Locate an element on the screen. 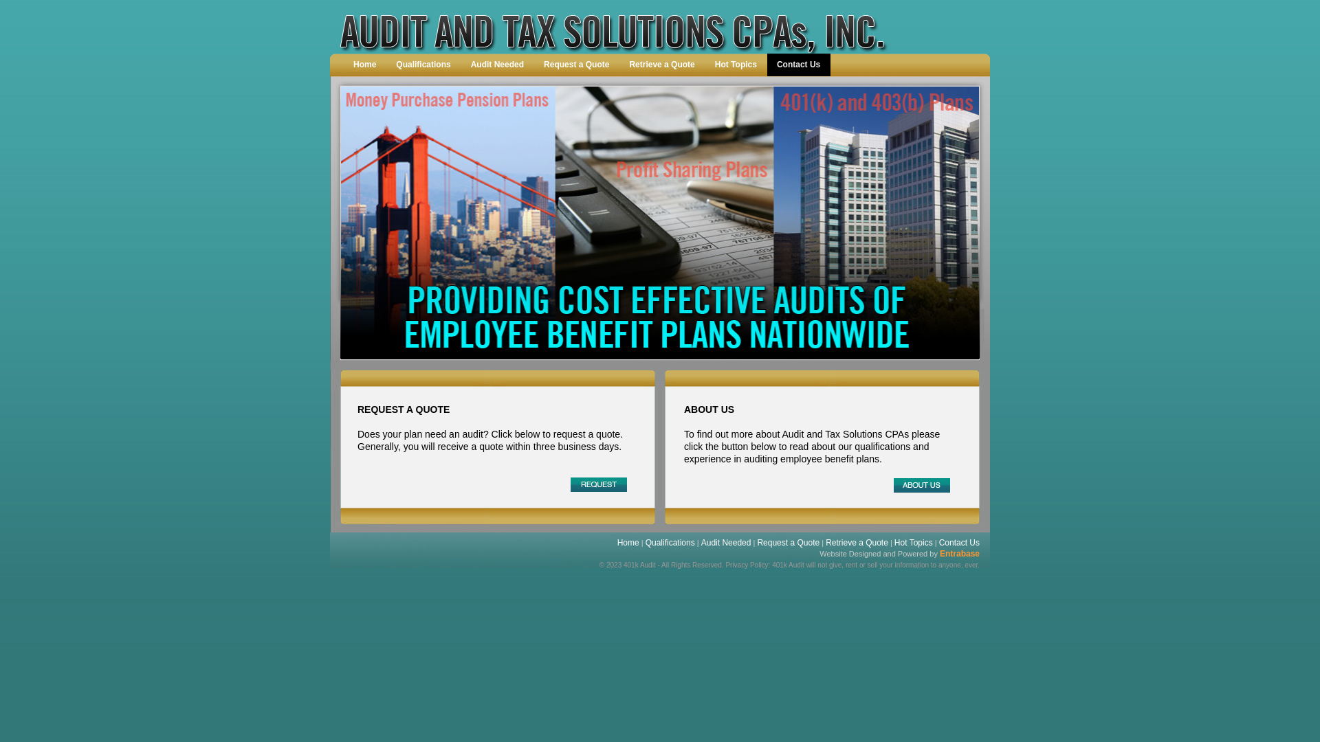 The image size is (1320, 742). 'Retrieve a Quote' is located at coordinates (856, 542).